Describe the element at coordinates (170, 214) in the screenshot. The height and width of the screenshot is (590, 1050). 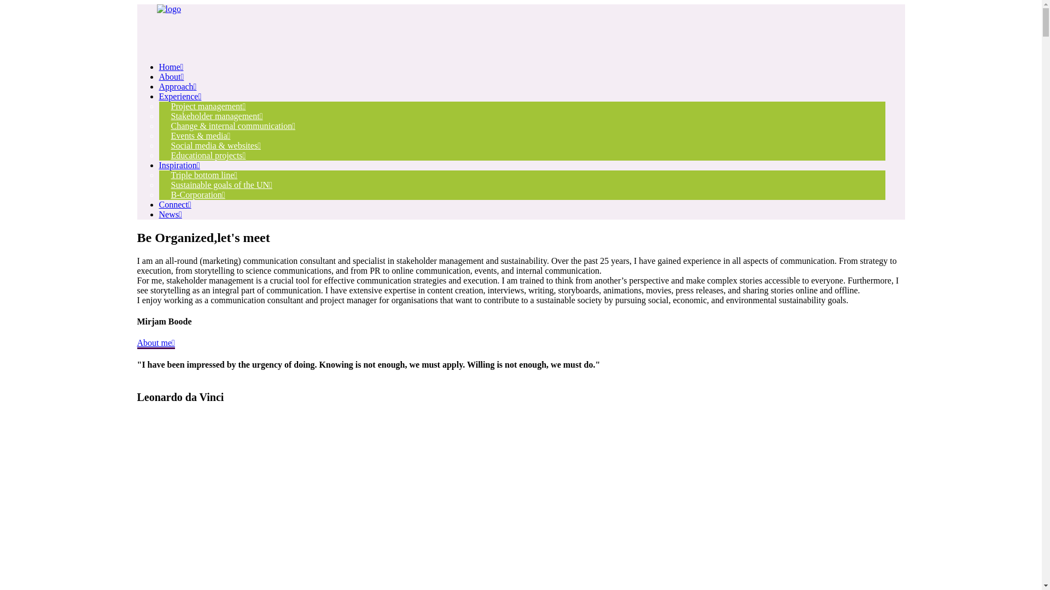
I see `'News'` at that location.